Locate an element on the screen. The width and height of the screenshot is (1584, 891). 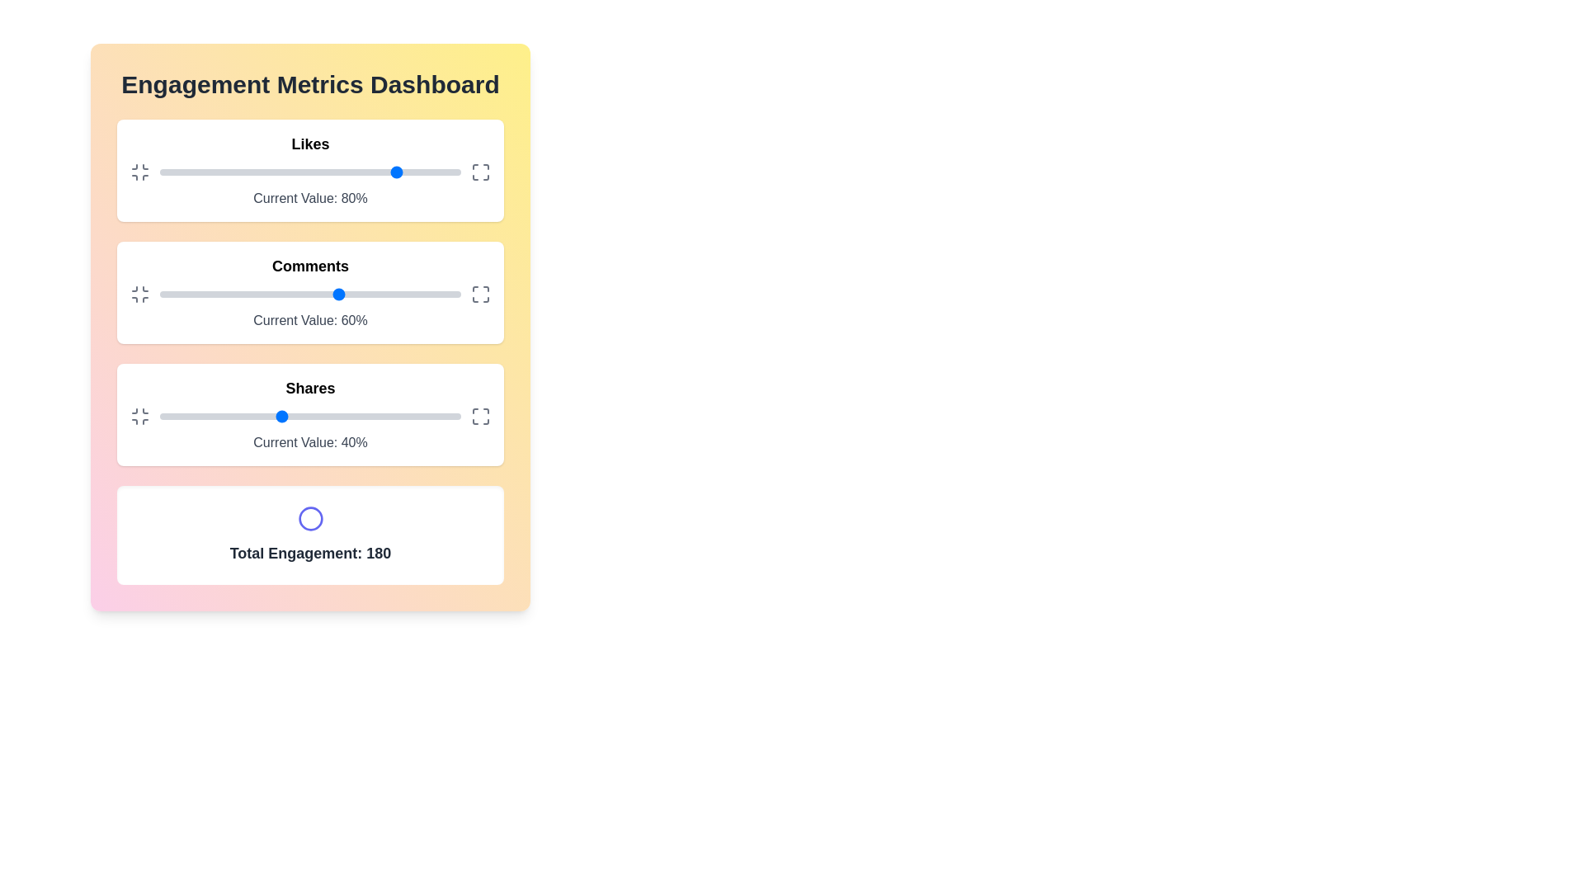
the 'Likes' slider is located at coordinates (280, 172).